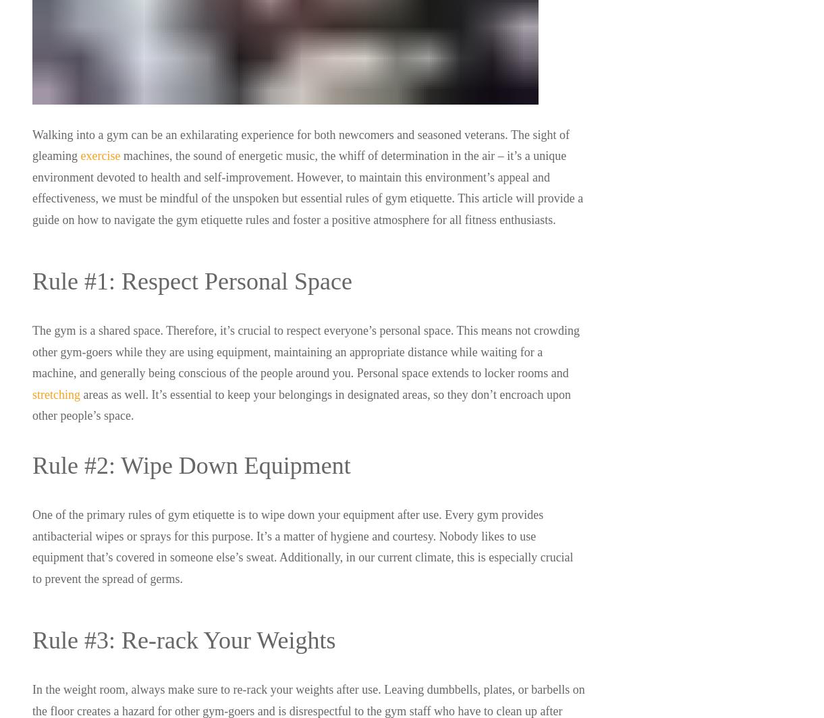  What do you see at coordinates (723, 598) in the screenshot?
I see `'YouTube'` at bounding box center [723, 598].